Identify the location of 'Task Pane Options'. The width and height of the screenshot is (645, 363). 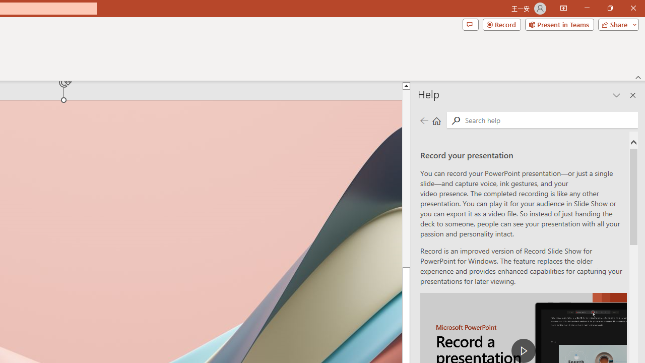
(616, 95).